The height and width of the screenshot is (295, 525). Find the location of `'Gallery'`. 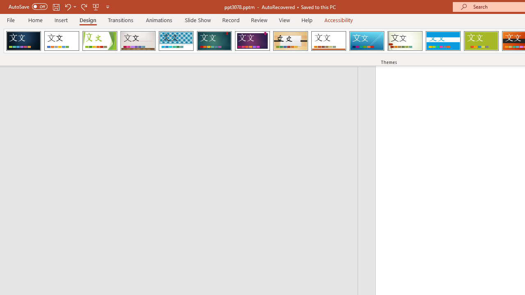

'Gallery' is located at coordinates (138, 41).